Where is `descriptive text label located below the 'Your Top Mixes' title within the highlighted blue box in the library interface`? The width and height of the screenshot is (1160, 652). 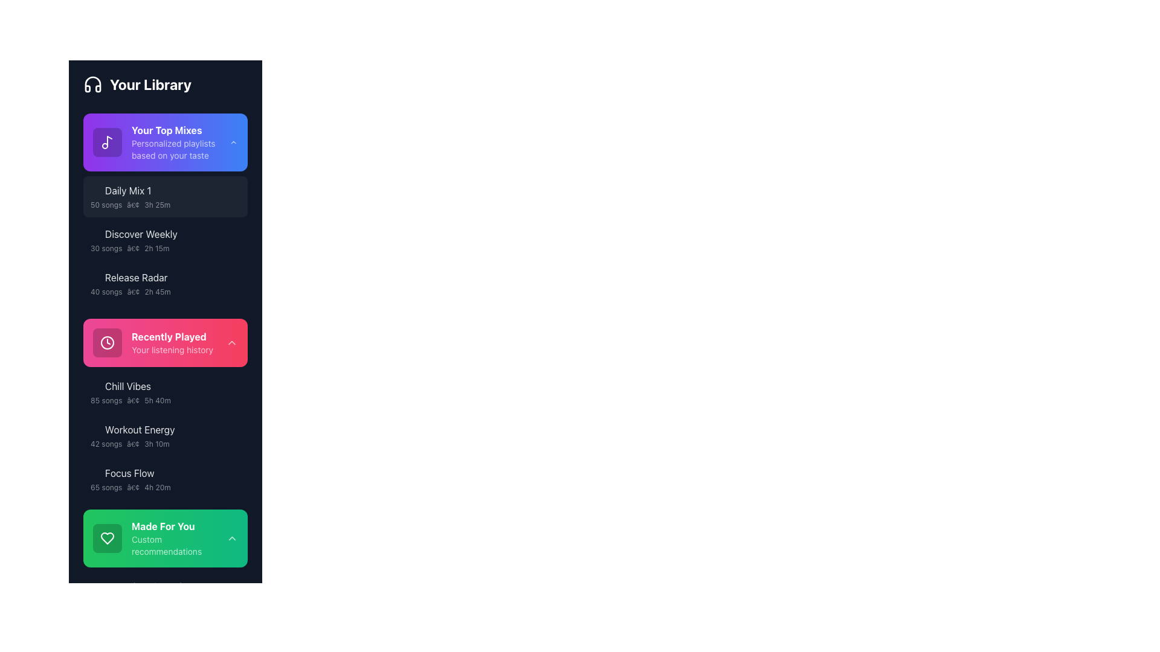 descriptive text label located below the 'Your Top Mixes' title within the highlighted blue box in the library interface is located at coordinates (180, 149).